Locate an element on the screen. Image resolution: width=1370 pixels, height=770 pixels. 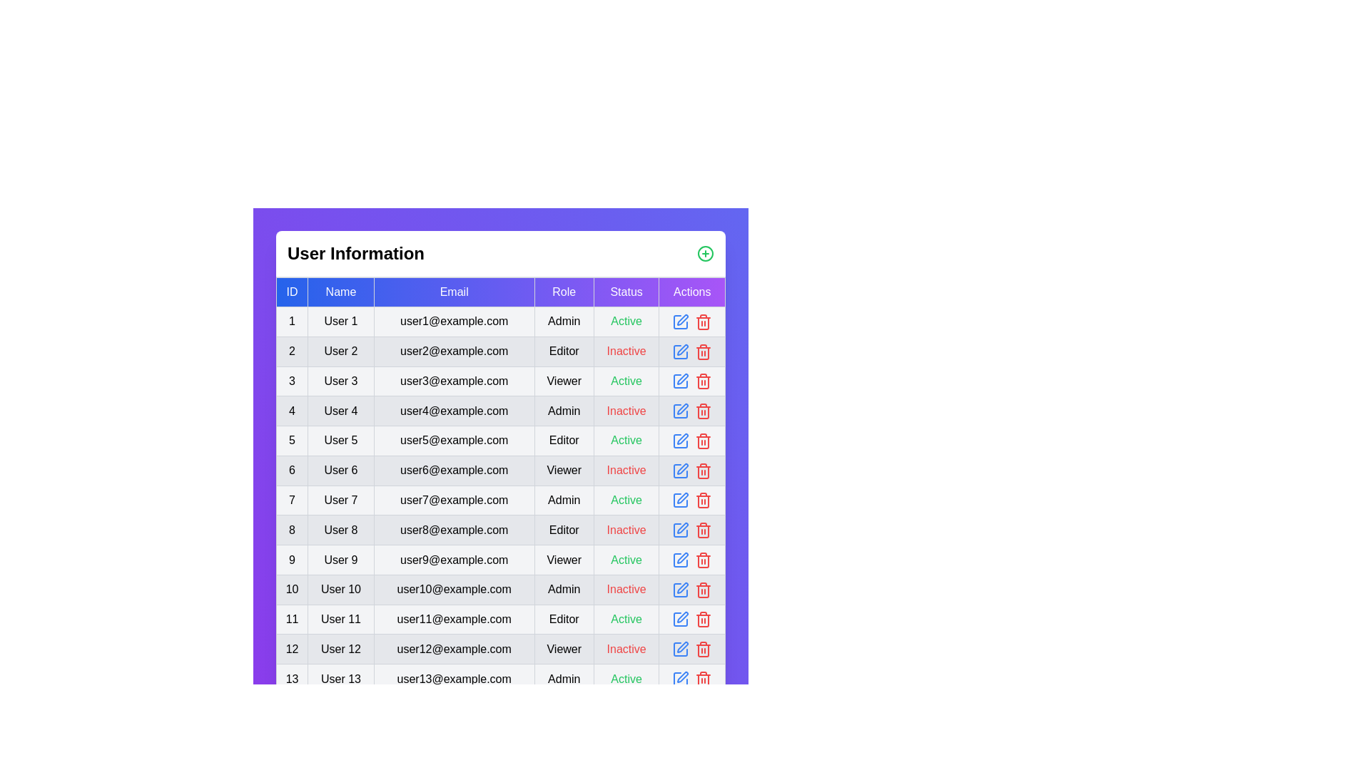
the column header Actions to sort or filter the table is located at coordinates (692, 291).